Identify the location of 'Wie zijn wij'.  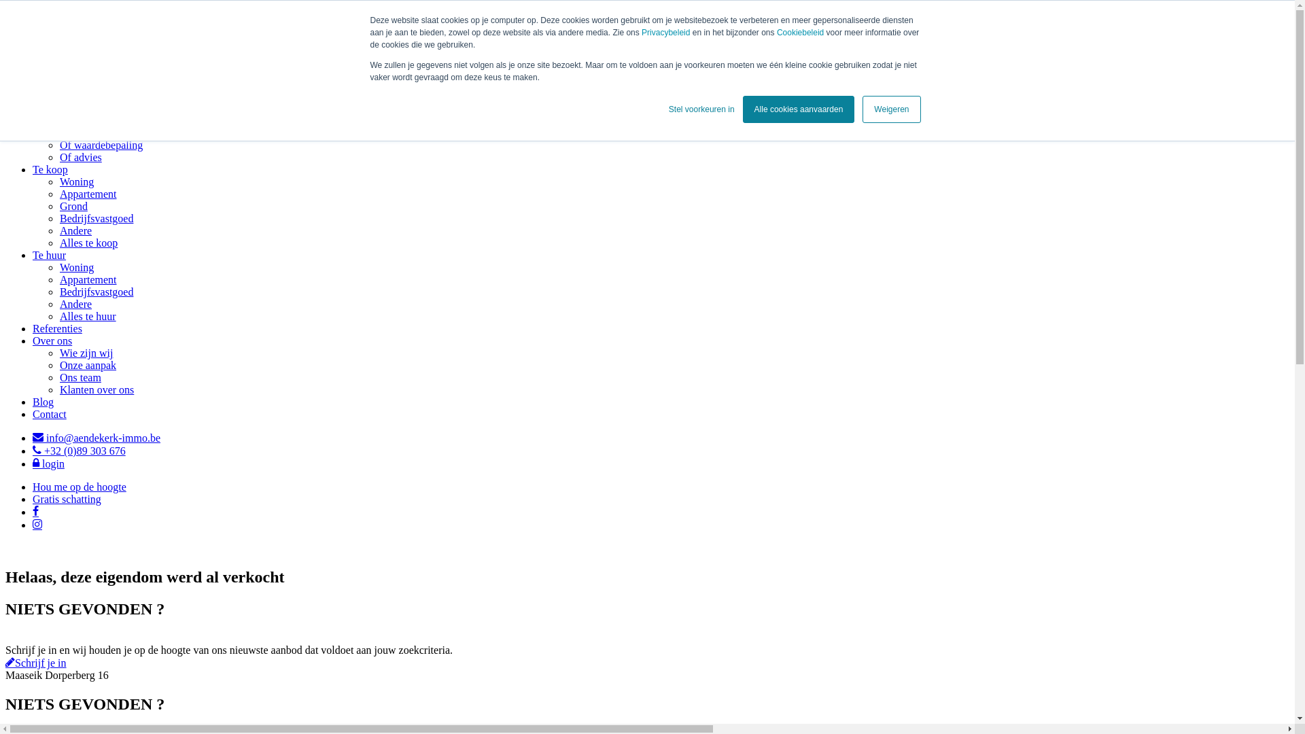
(85, 352).